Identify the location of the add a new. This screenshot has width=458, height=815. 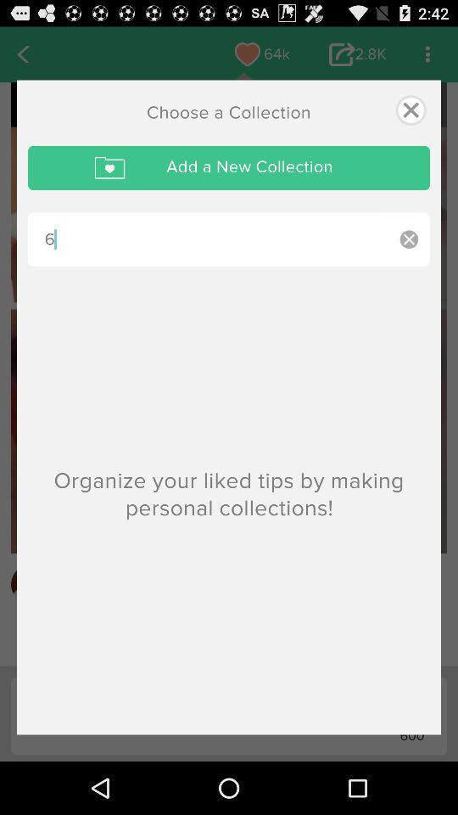
(229, 167).